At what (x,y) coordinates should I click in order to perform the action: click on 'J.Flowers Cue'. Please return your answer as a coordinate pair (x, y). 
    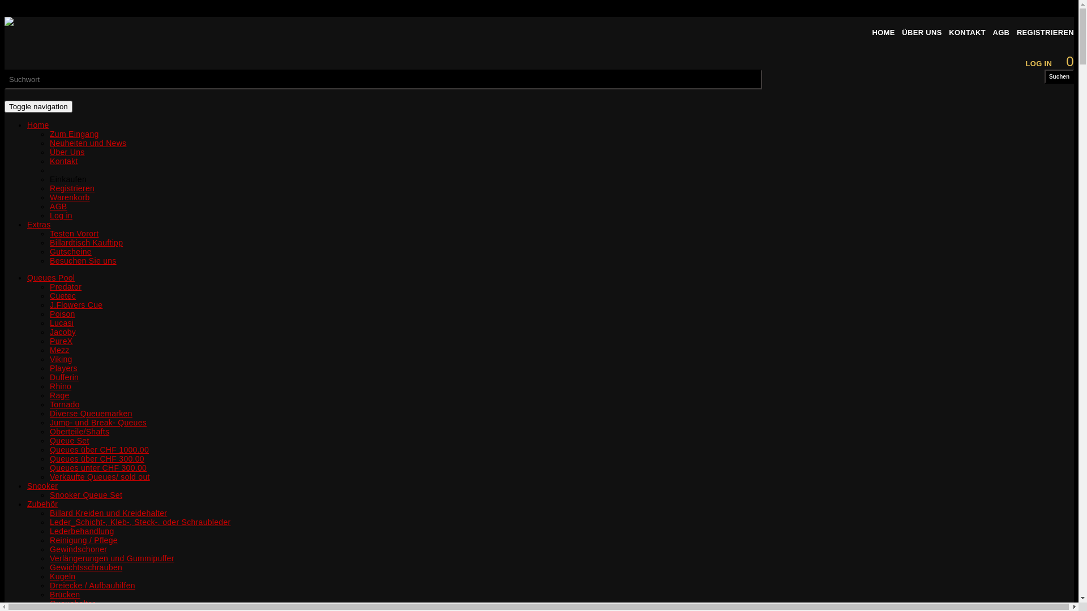
    Looking at the image, I should click on (75, 304).